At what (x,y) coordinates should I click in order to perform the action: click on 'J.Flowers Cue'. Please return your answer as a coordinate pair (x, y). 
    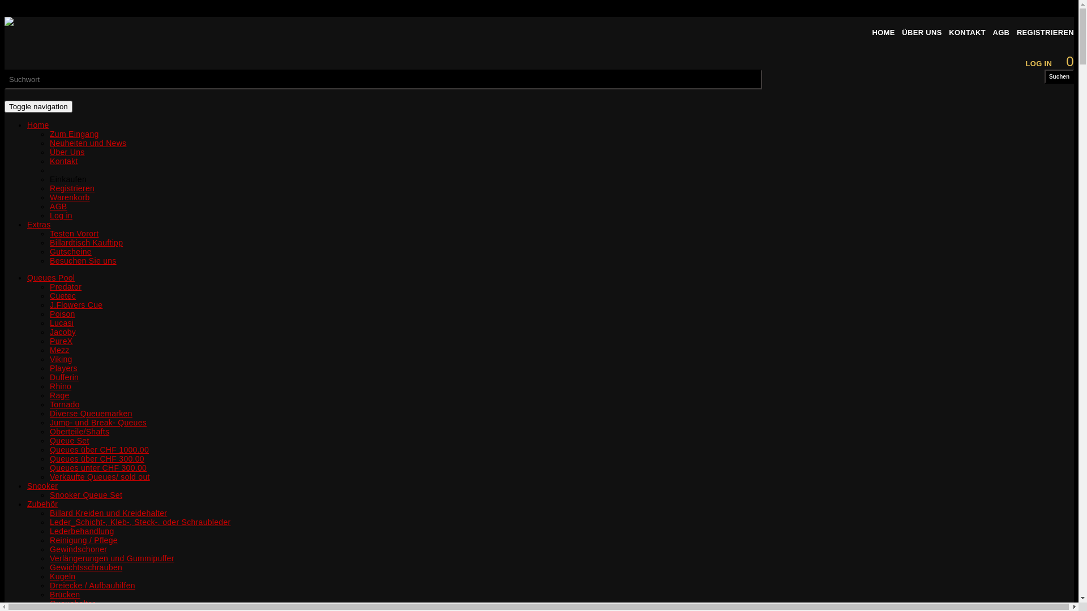
    Looking at the image, I should click on (75, 304).